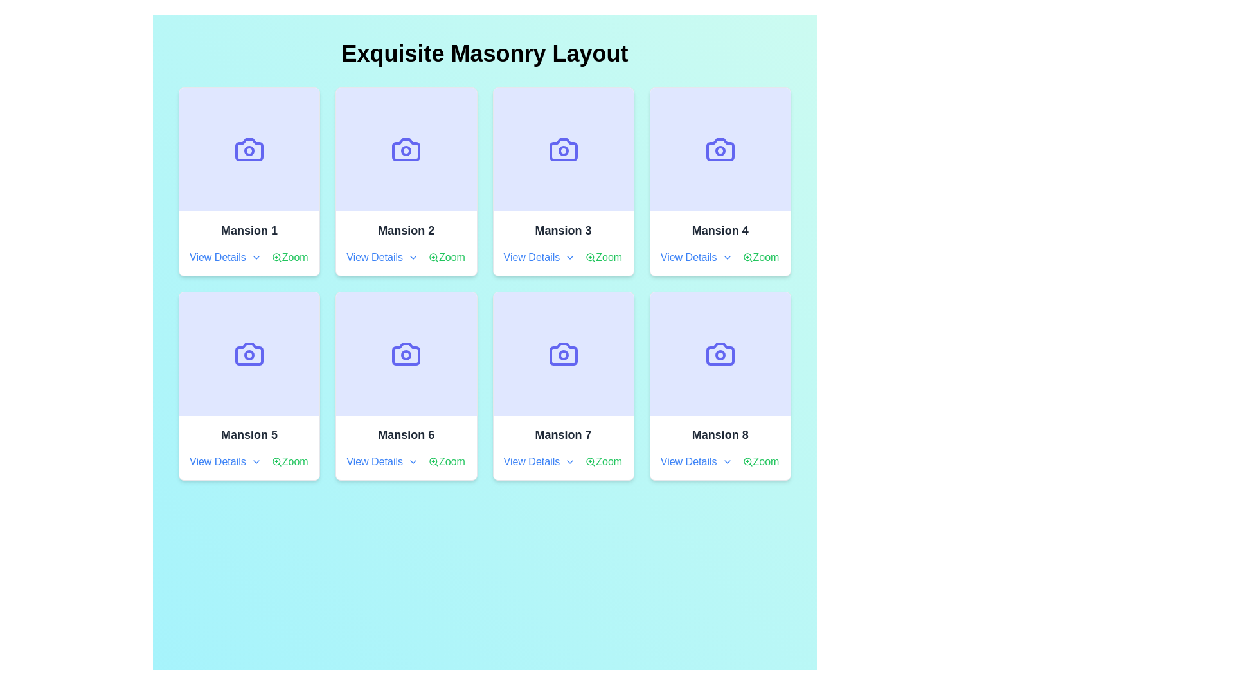  Describe the element at coordinates (249, 258) in the screenshot. I see `the interactive text links labeled 'View Details' and 'Zoom' which are styled with icons, located within the 'Mansion 1' card` at that location.